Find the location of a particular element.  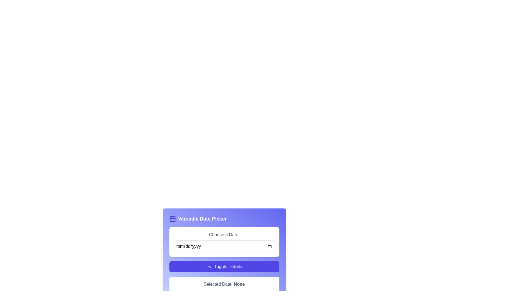

the button that expands or collapses the information panel, which is the third interactive element below the date input field is located at coordinates (224, 266).